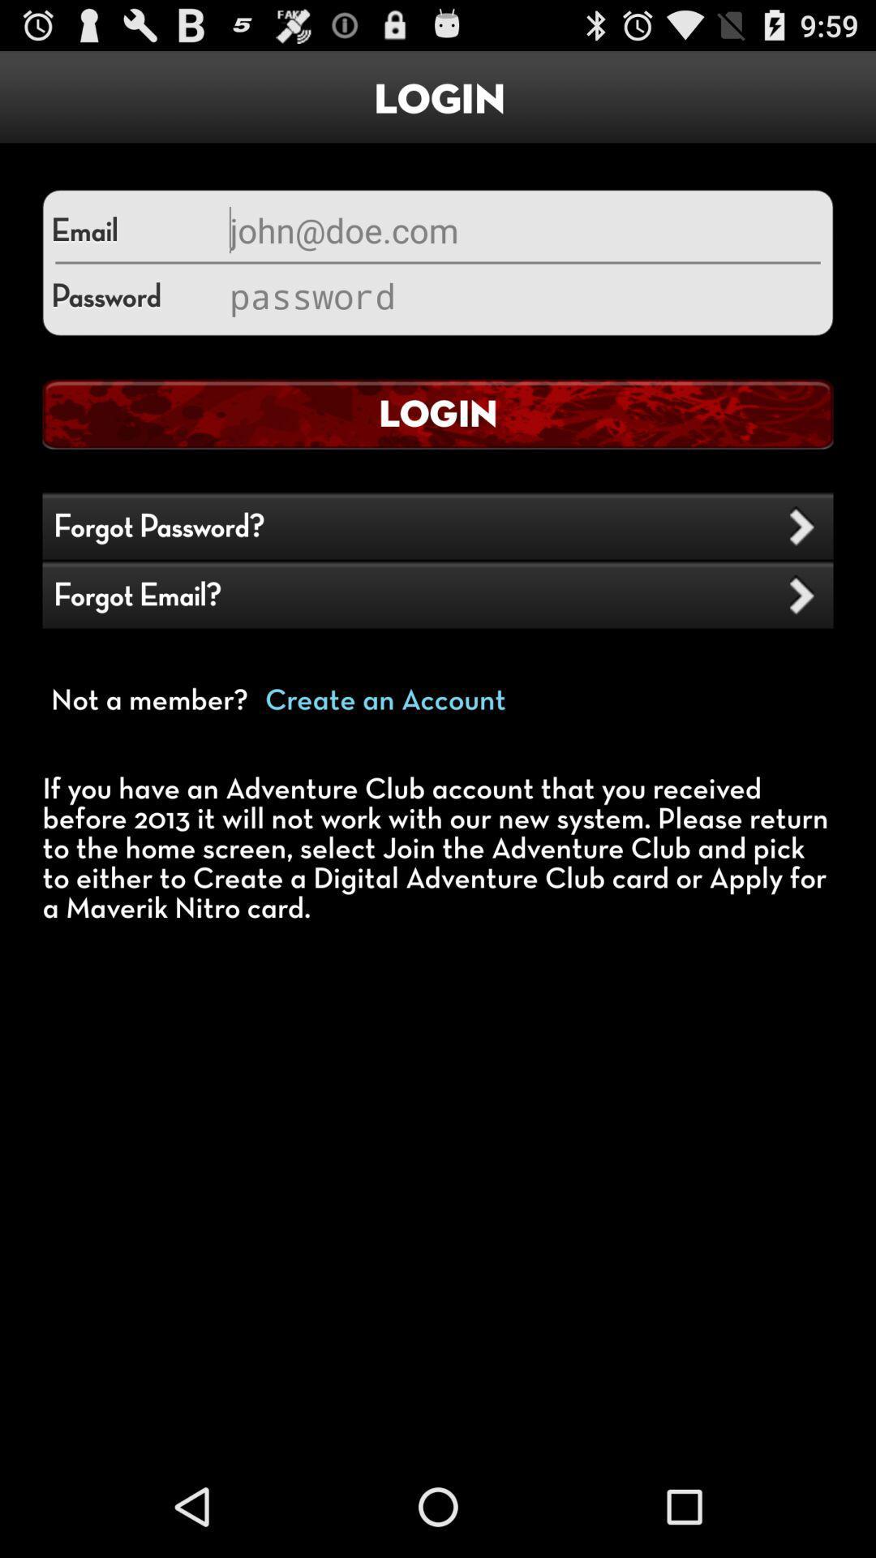 This screenshot has width=876, height=1558. Describe the element at coordinates (522, 295) in the screenshot. I see `password` at that location.